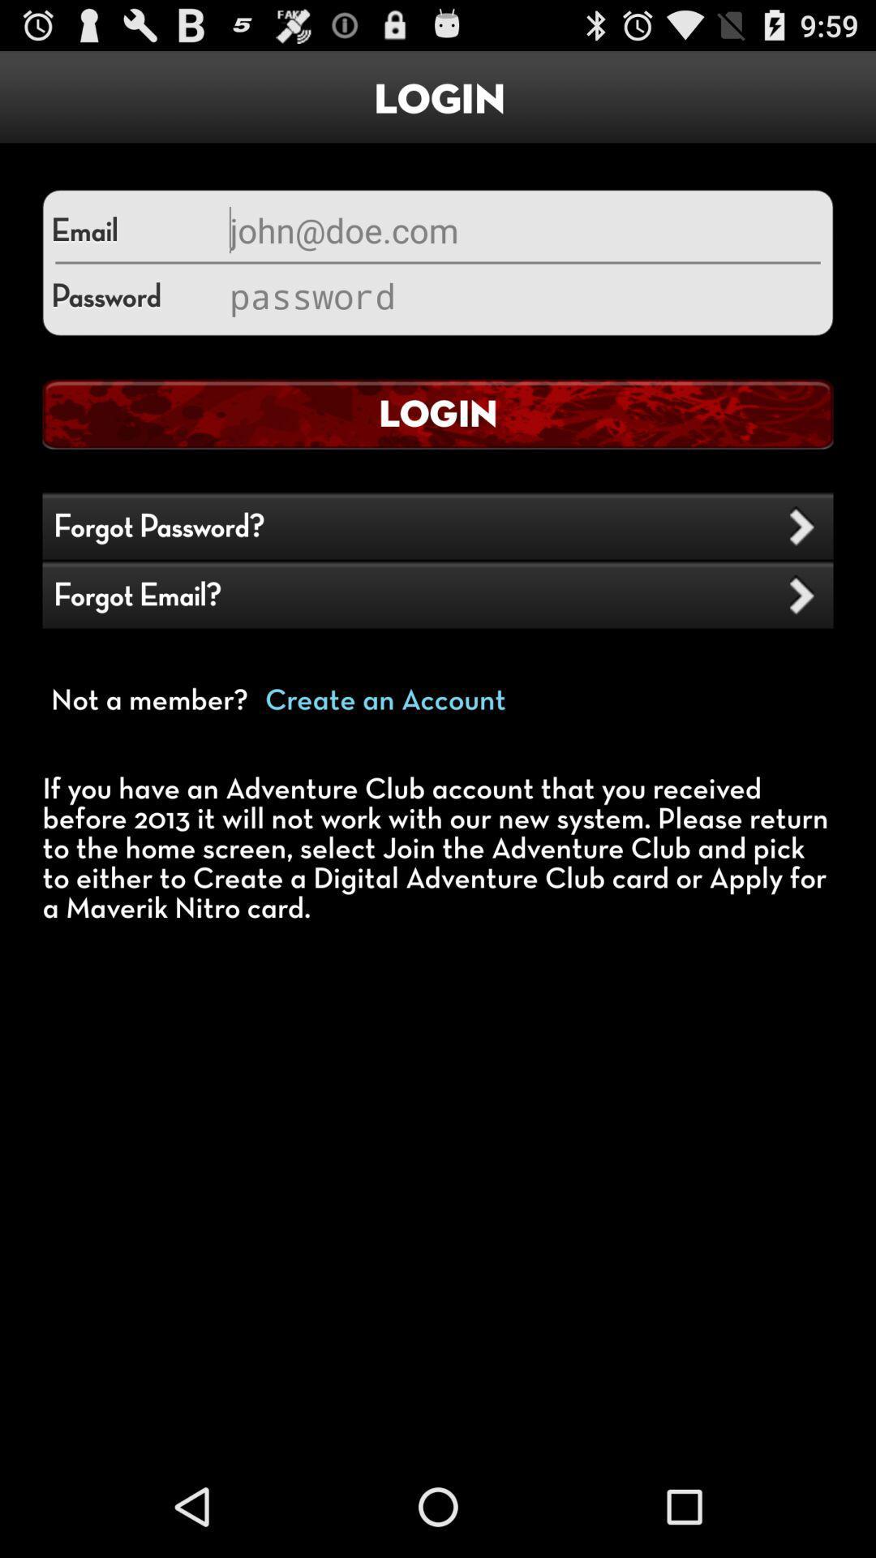 This screenshot has width=876, height=1558. Describe the element at coordinates (522, 295) in the screenshot. I see `password` at that location.